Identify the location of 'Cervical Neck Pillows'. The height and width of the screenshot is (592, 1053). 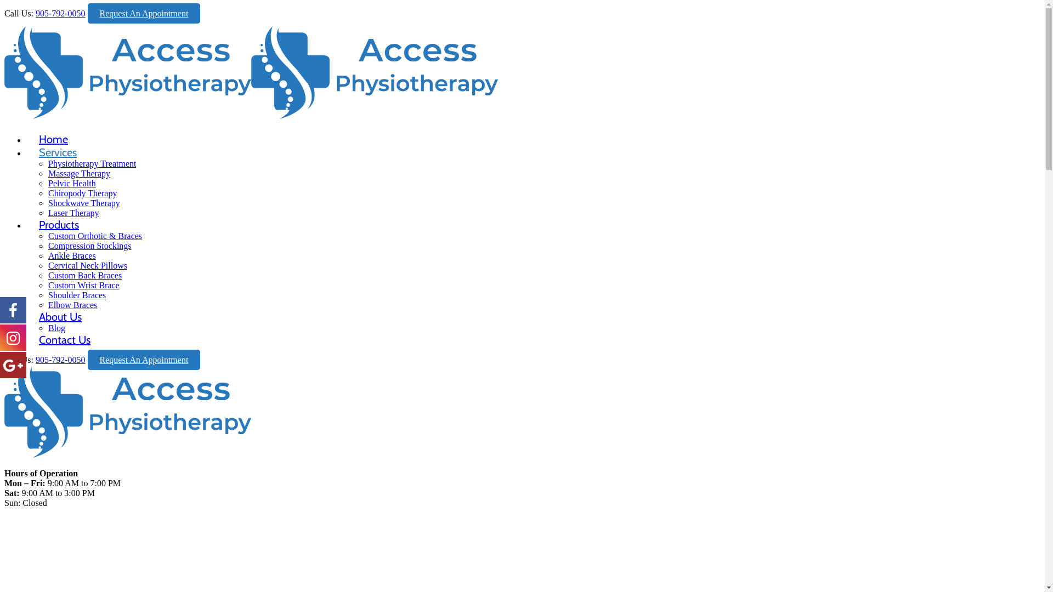
(87, 265).